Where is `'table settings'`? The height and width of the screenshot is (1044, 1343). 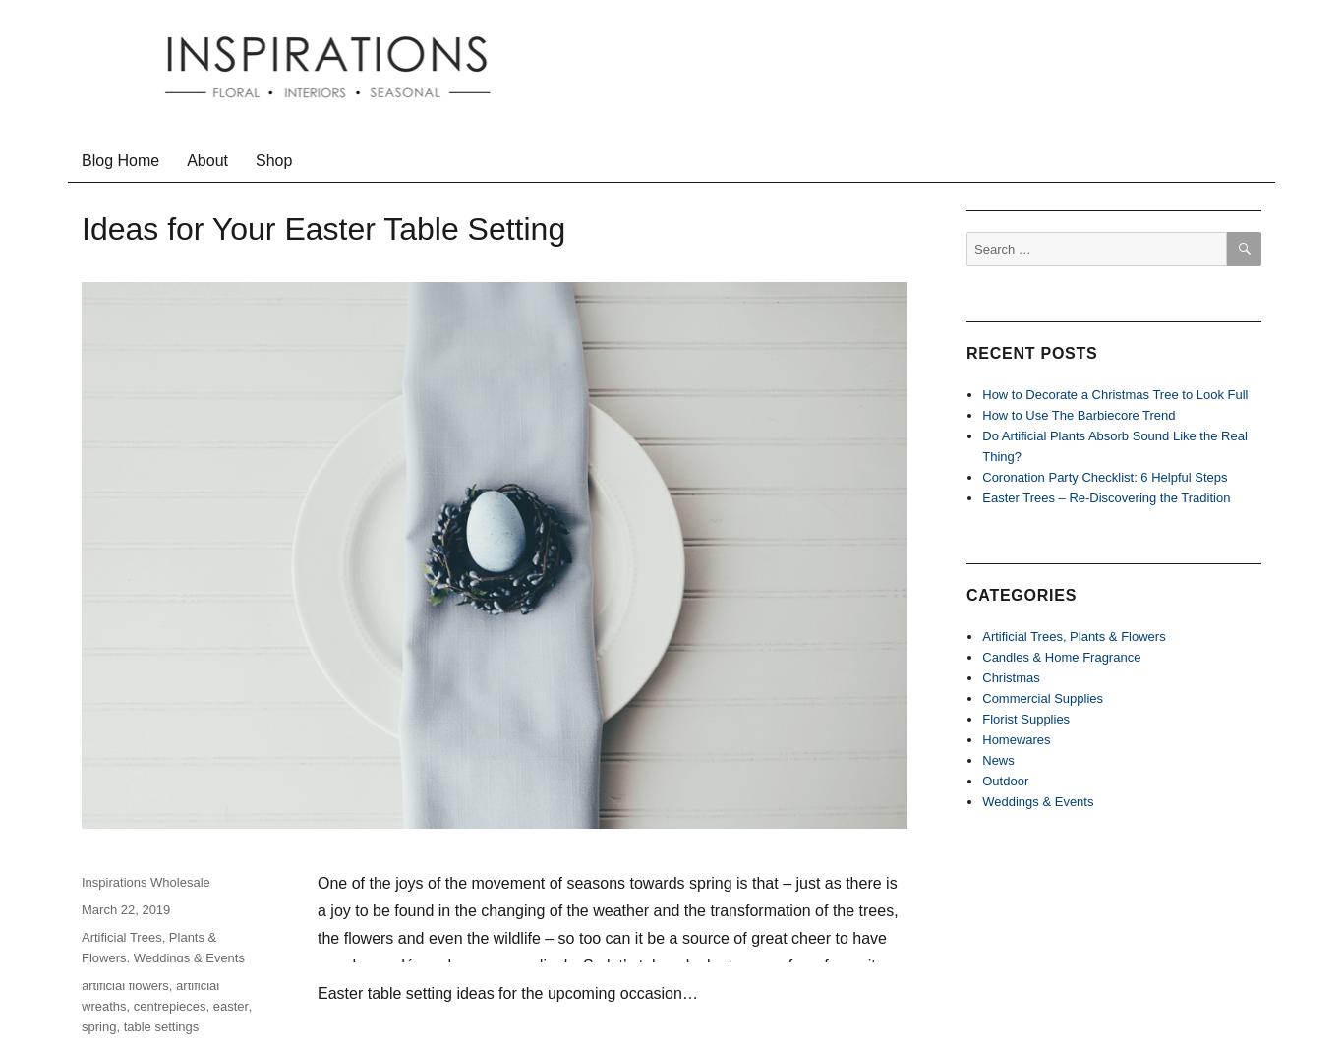
'table settings' is located at coordinates (159, 1024).